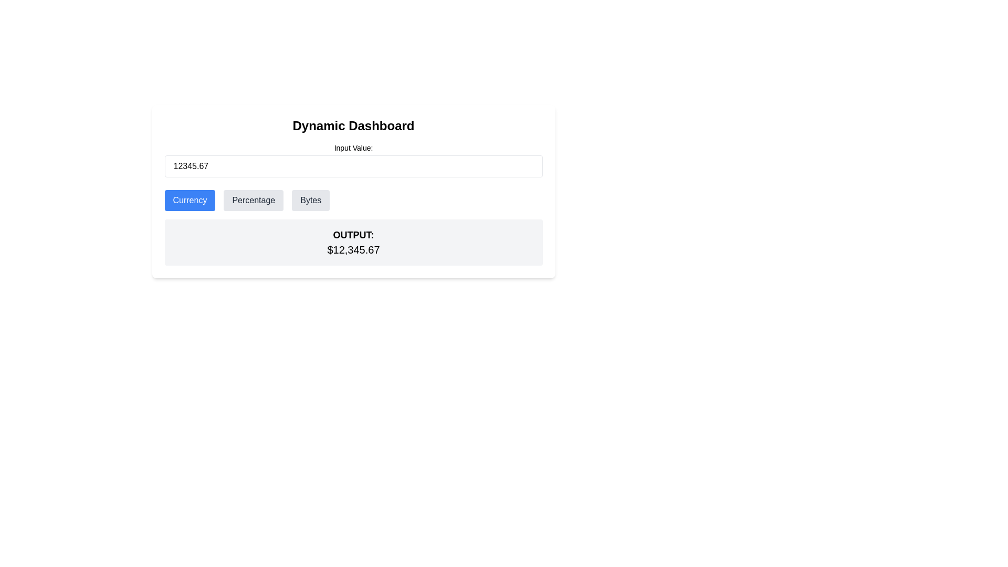 This screenshot has width=1008, height=567. I want to click on the numeric input field labeled 'Input Value:' which is pre-populated with '12345.67' to focus on it, so click(353, 160).